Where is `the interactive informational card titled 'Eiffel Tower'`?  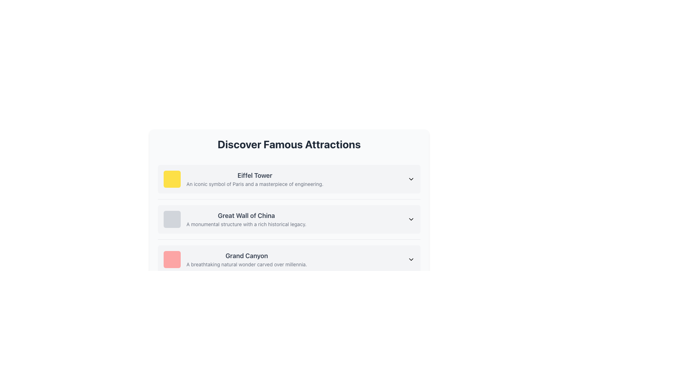 the interactive informational card titled 'Eiffel Tower' is located at coordinates (289, 190).